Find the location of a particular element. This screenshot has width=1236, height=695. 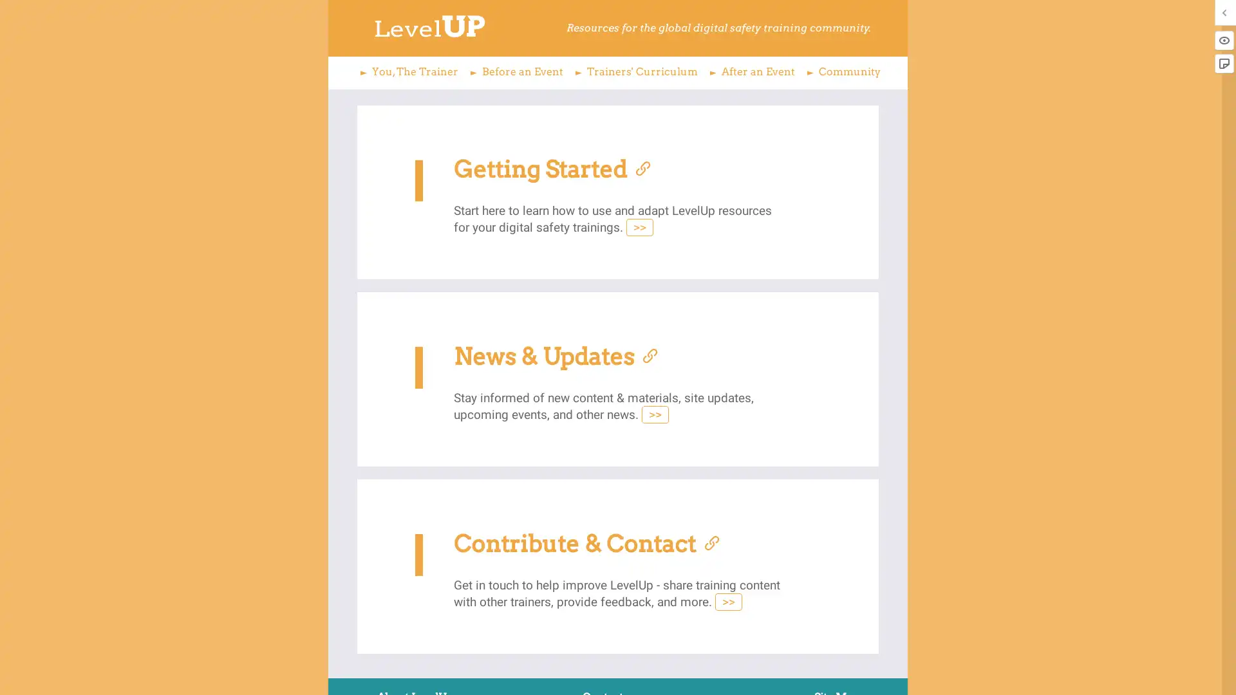

Show highlights is located at coordinates (1223, 39).